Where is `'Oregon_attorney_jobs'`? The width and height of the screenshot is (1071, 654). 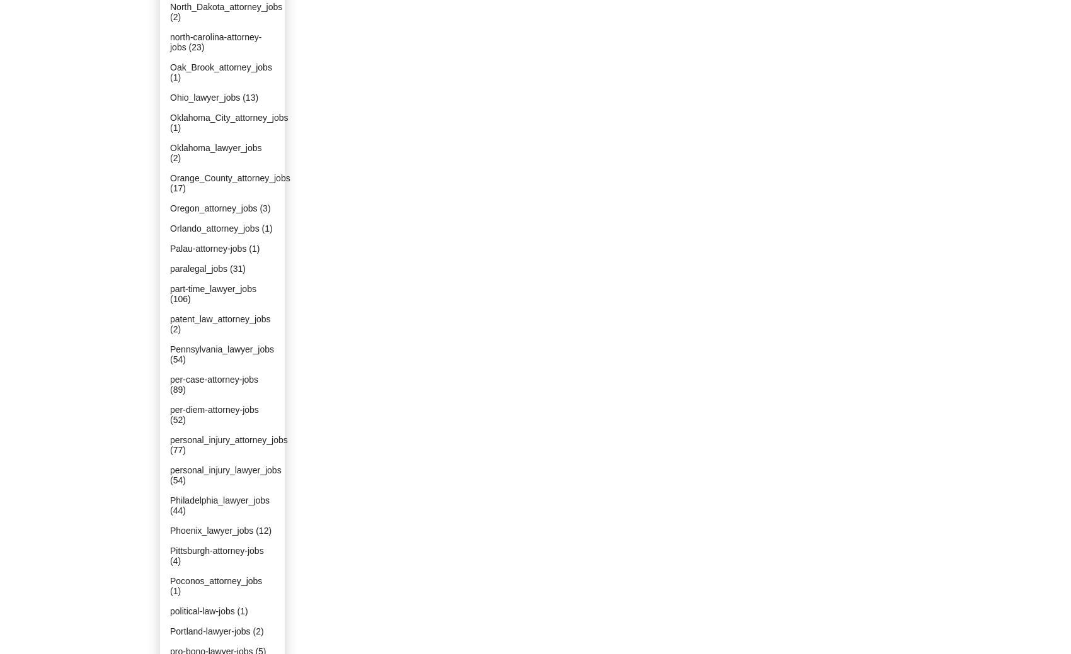
'Oregon_attorney_jobs' is located at coordinates (212, 208).